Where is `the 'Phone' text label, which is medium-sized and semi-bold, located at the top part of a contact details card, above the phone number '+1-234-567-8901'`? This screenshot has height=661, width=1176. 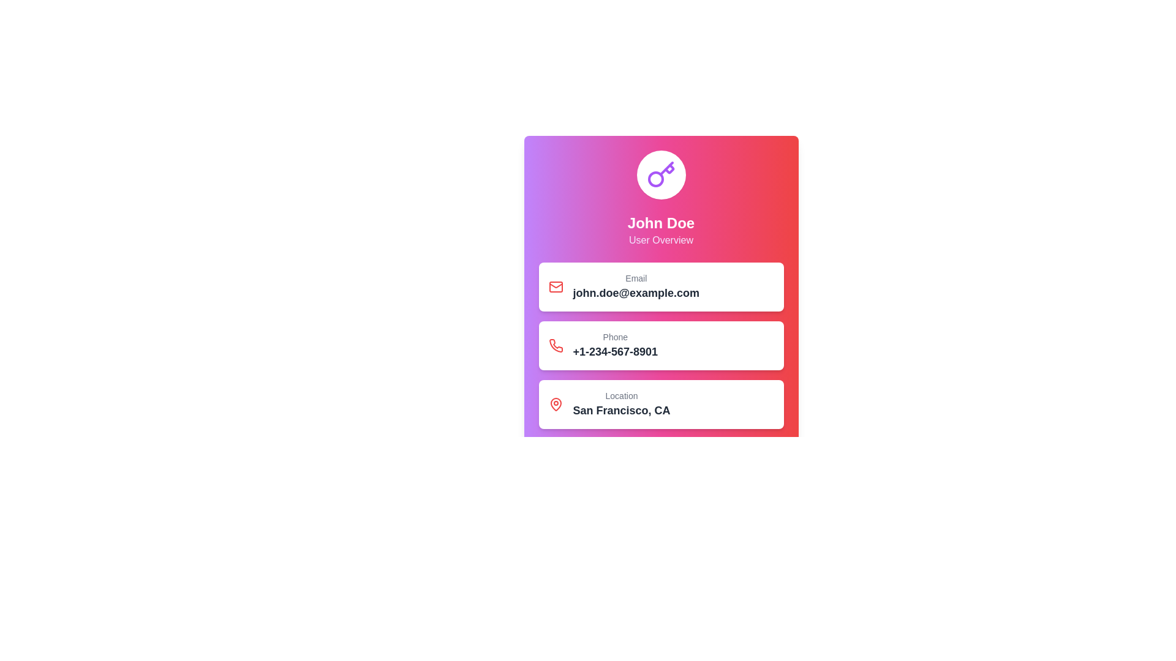 the 'Phone' text label, which is medium-sized and semi-bold, located at the top part of a contact details card, above the phone number '+1-234-567-8901' is located at coordinates (615, 337).